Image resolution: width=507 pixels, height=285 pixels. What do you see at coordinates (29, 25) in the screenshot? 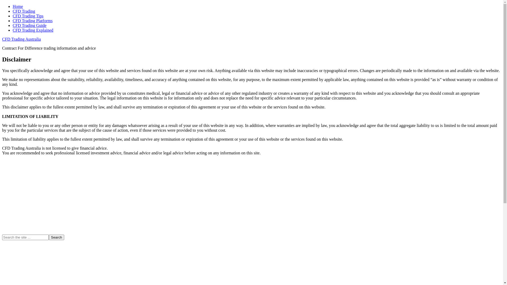
I see `'CFD Trading Guide'` at bounding box center [29, 25].